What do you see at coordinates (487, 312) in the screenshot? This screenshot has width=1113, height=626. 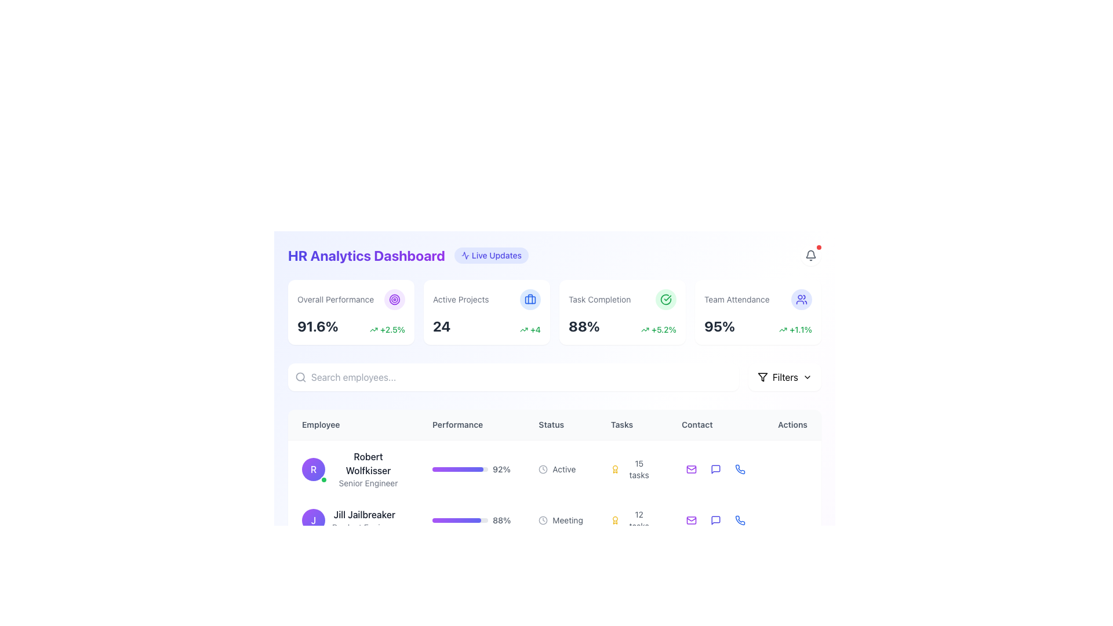 I see `the Information Card that summarizes active projects, located in the second position within the grid of four cards under the 'HR Analytics Dashboard'` at bounding box center [487, 312].